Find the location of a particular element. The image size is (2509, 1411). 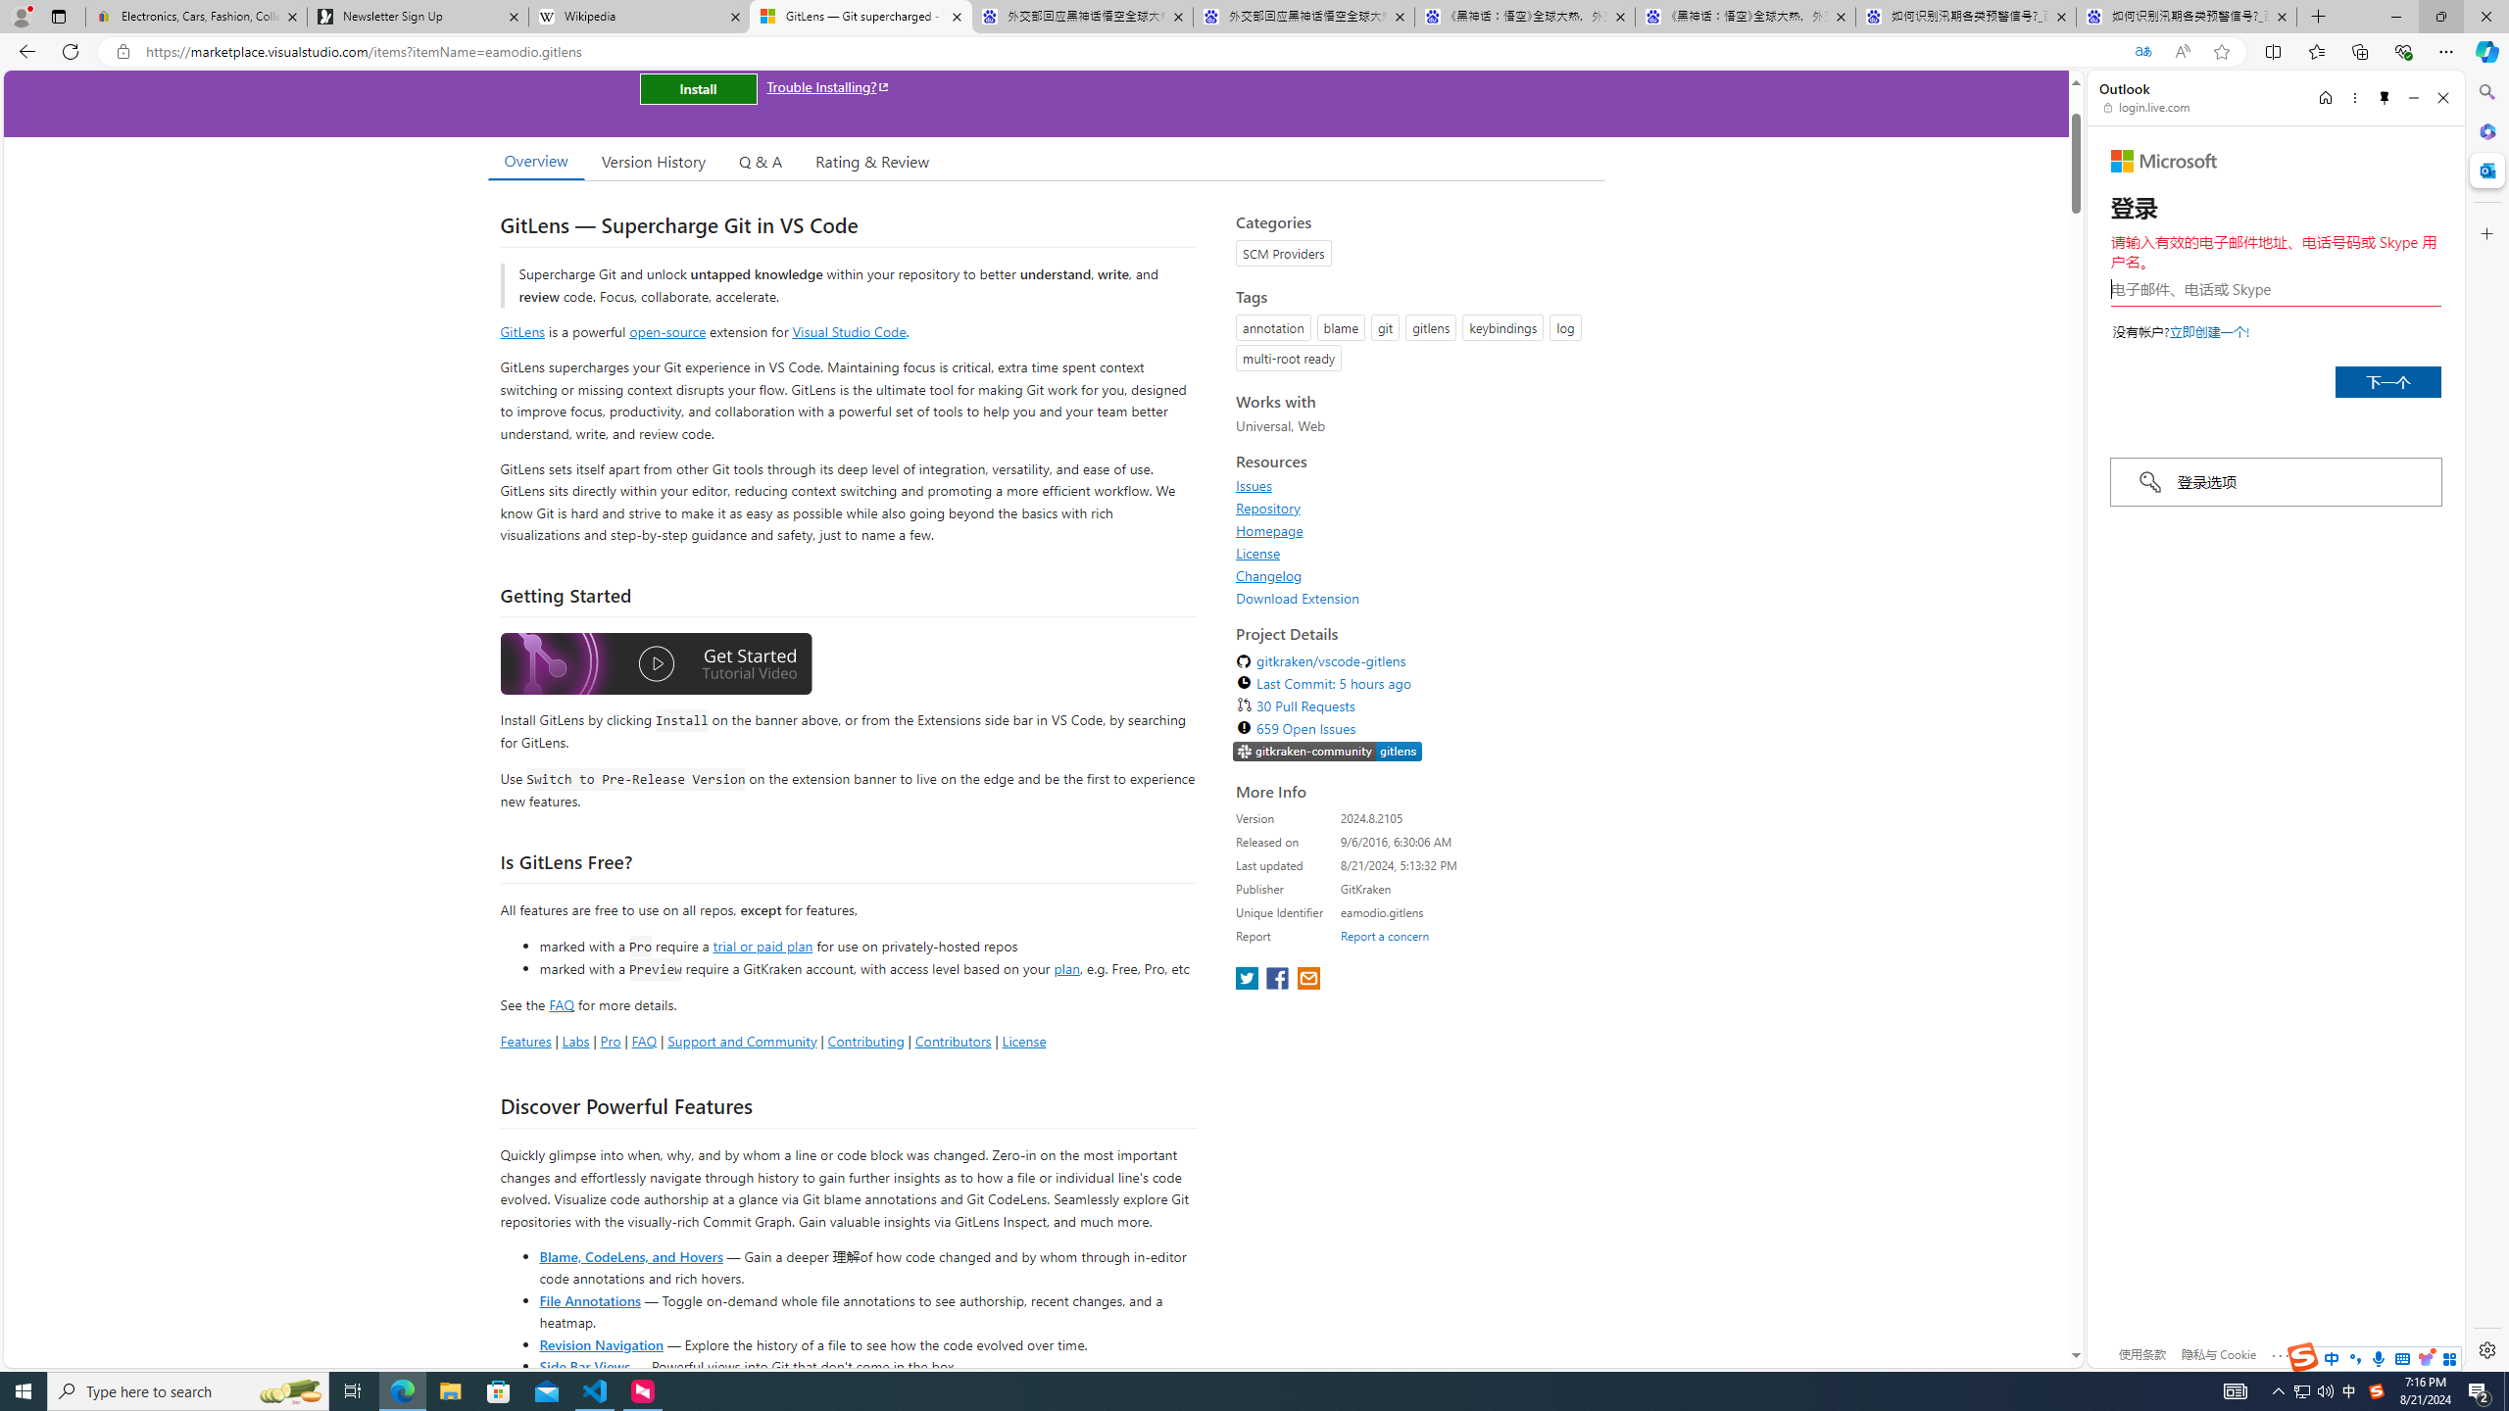

'Contributors' is located at coordinates (951, 1040).